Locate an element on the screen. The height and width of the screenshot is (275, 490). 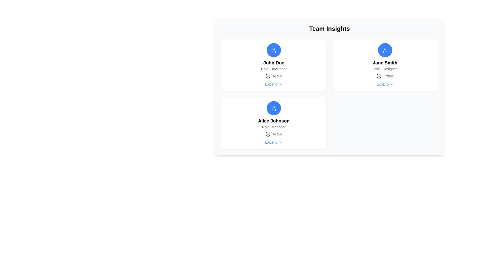
the 'Active' status text label associated with the member John Doe, which is positioned in the card layout to the right of the status icon is located at coordinates (277, 76).